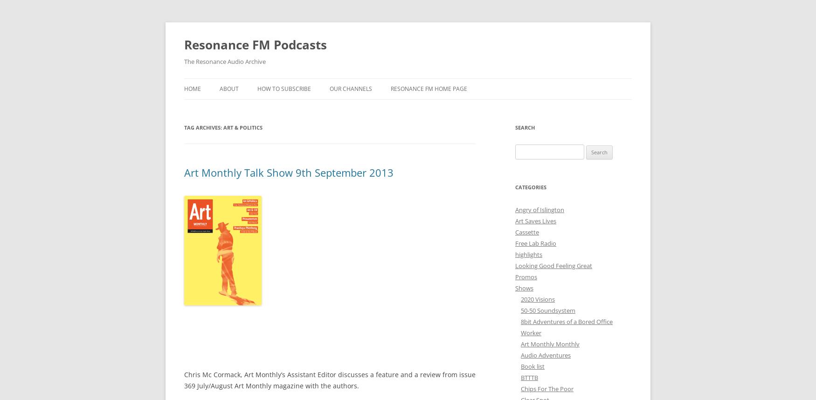 This screenshot has height=400, width=816. I want to click on 'BTTTB', so click(521, 378).